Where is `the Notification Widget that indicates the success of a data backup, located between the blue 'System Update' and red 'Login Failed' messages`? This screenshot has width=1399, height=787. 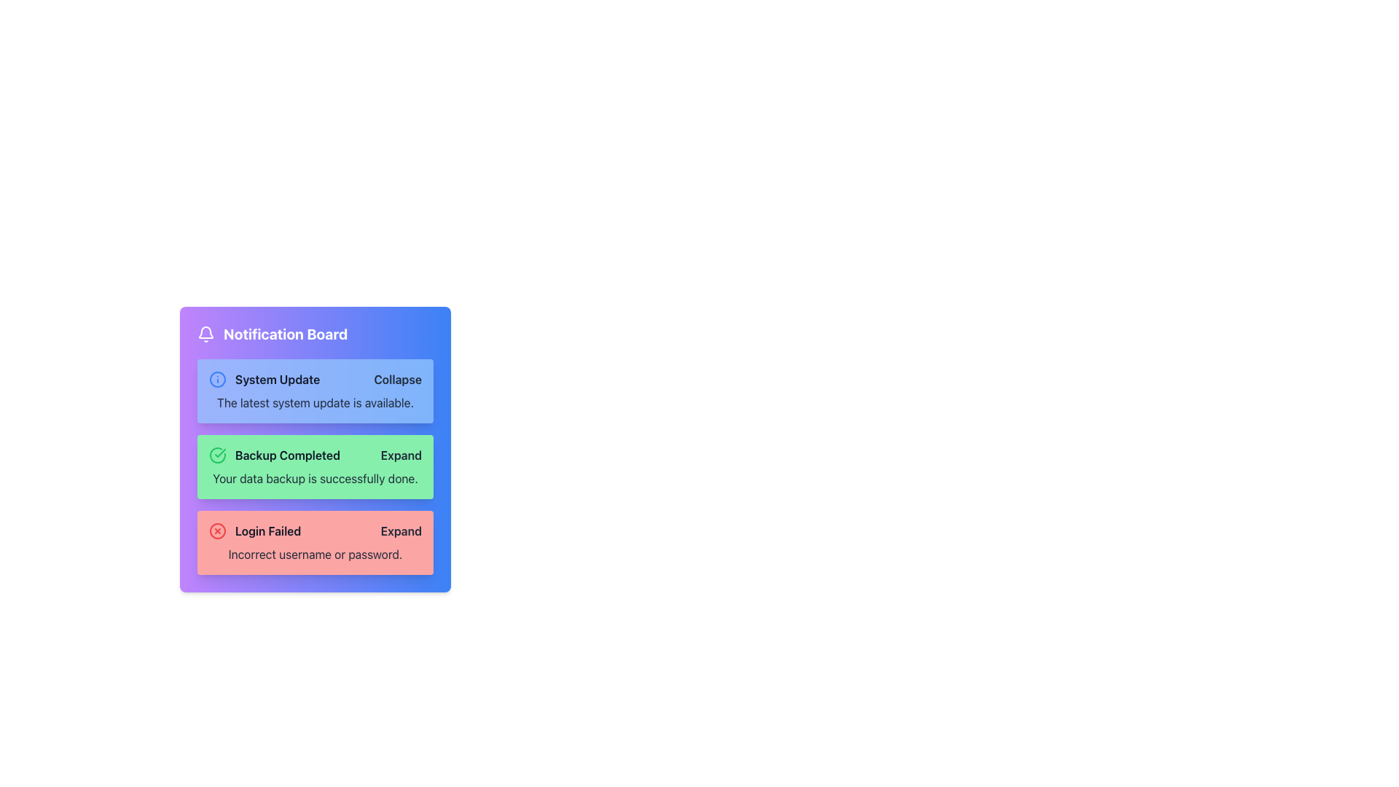
the Notification Widget that indicates the success of a data backup, located between the blue 'System Update' and red 'Login Failed' messages is located at coordinates (314, 449).